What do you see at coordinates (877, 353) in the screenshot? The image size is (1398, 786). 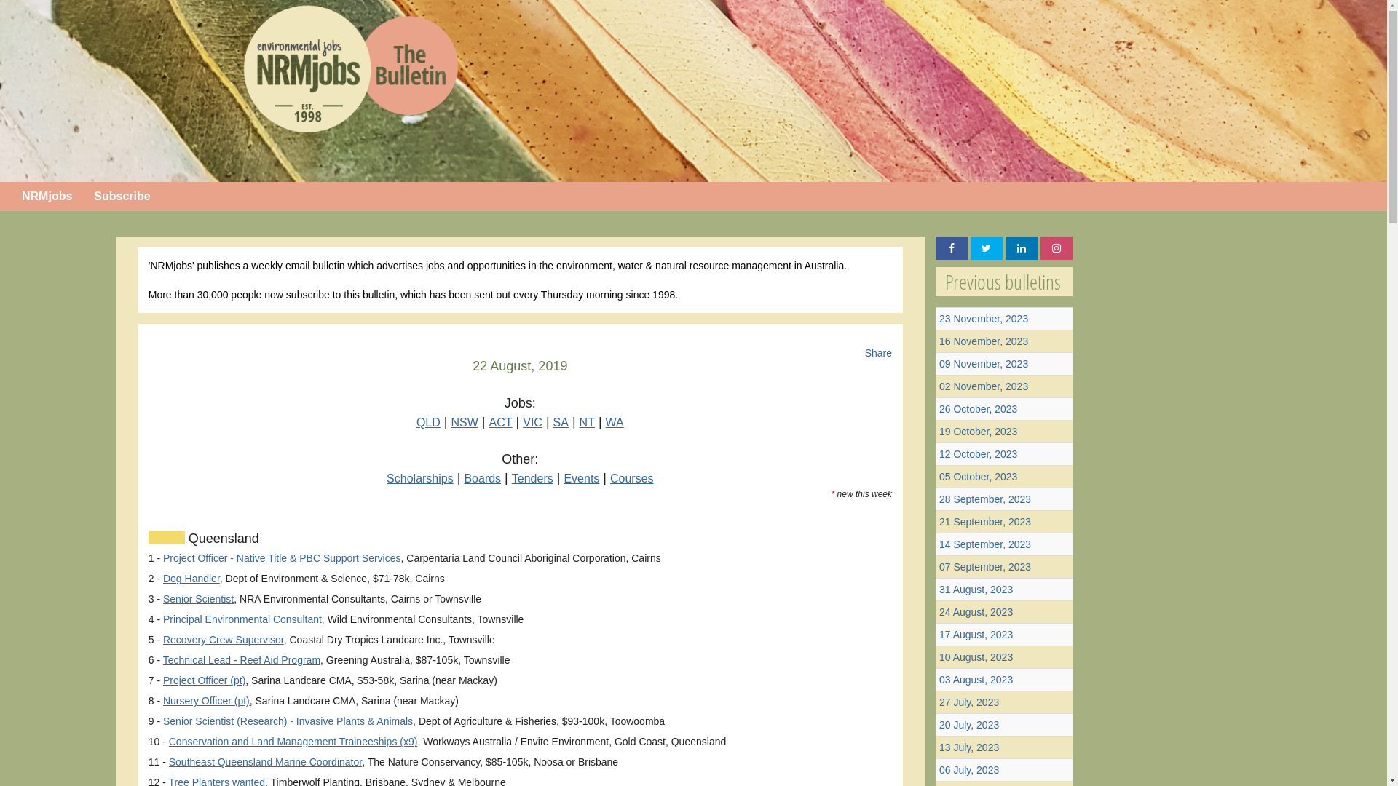 I see `'Share'` at bounding box center [877, 353].